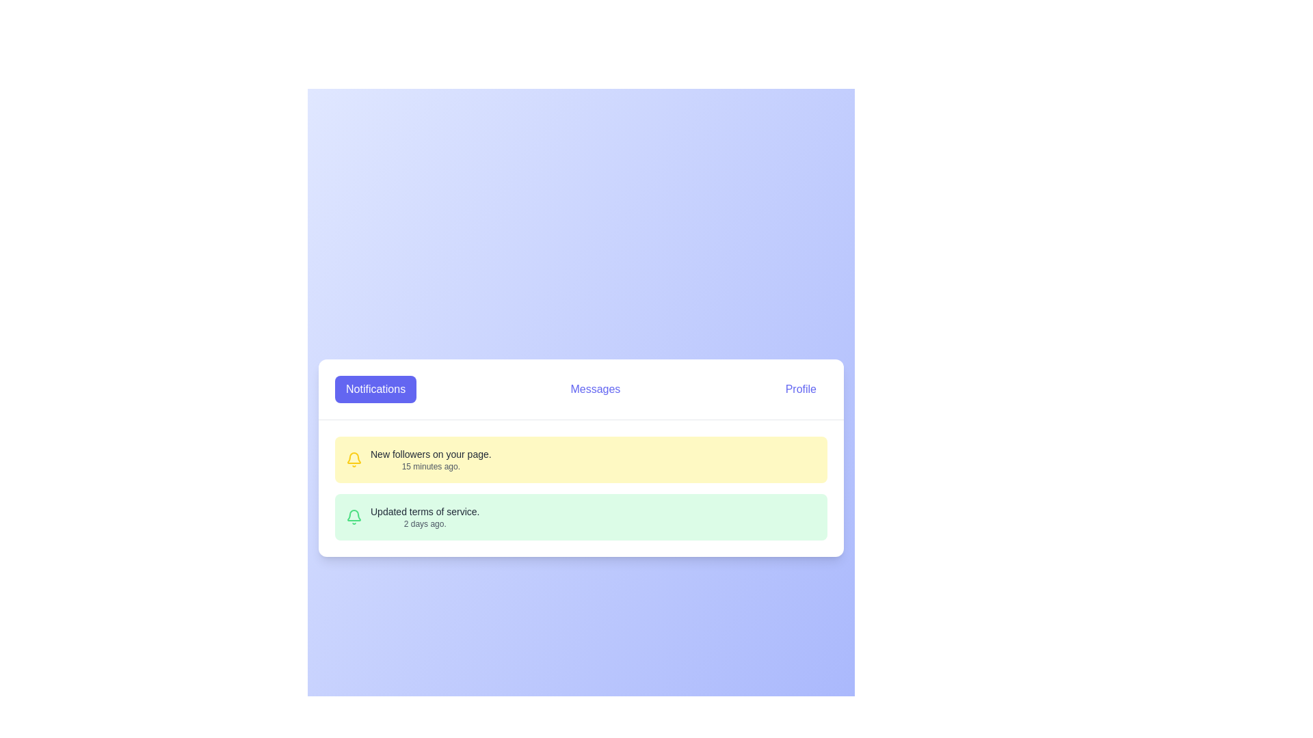 The image size is (1313, 738). Describe the element at coordinates (595, 389) in the screenshot. I see `the 'Messages' button, which is a rectangular button with purple text and rounded borders, located in the navigation bar near the top of the section` at that location.